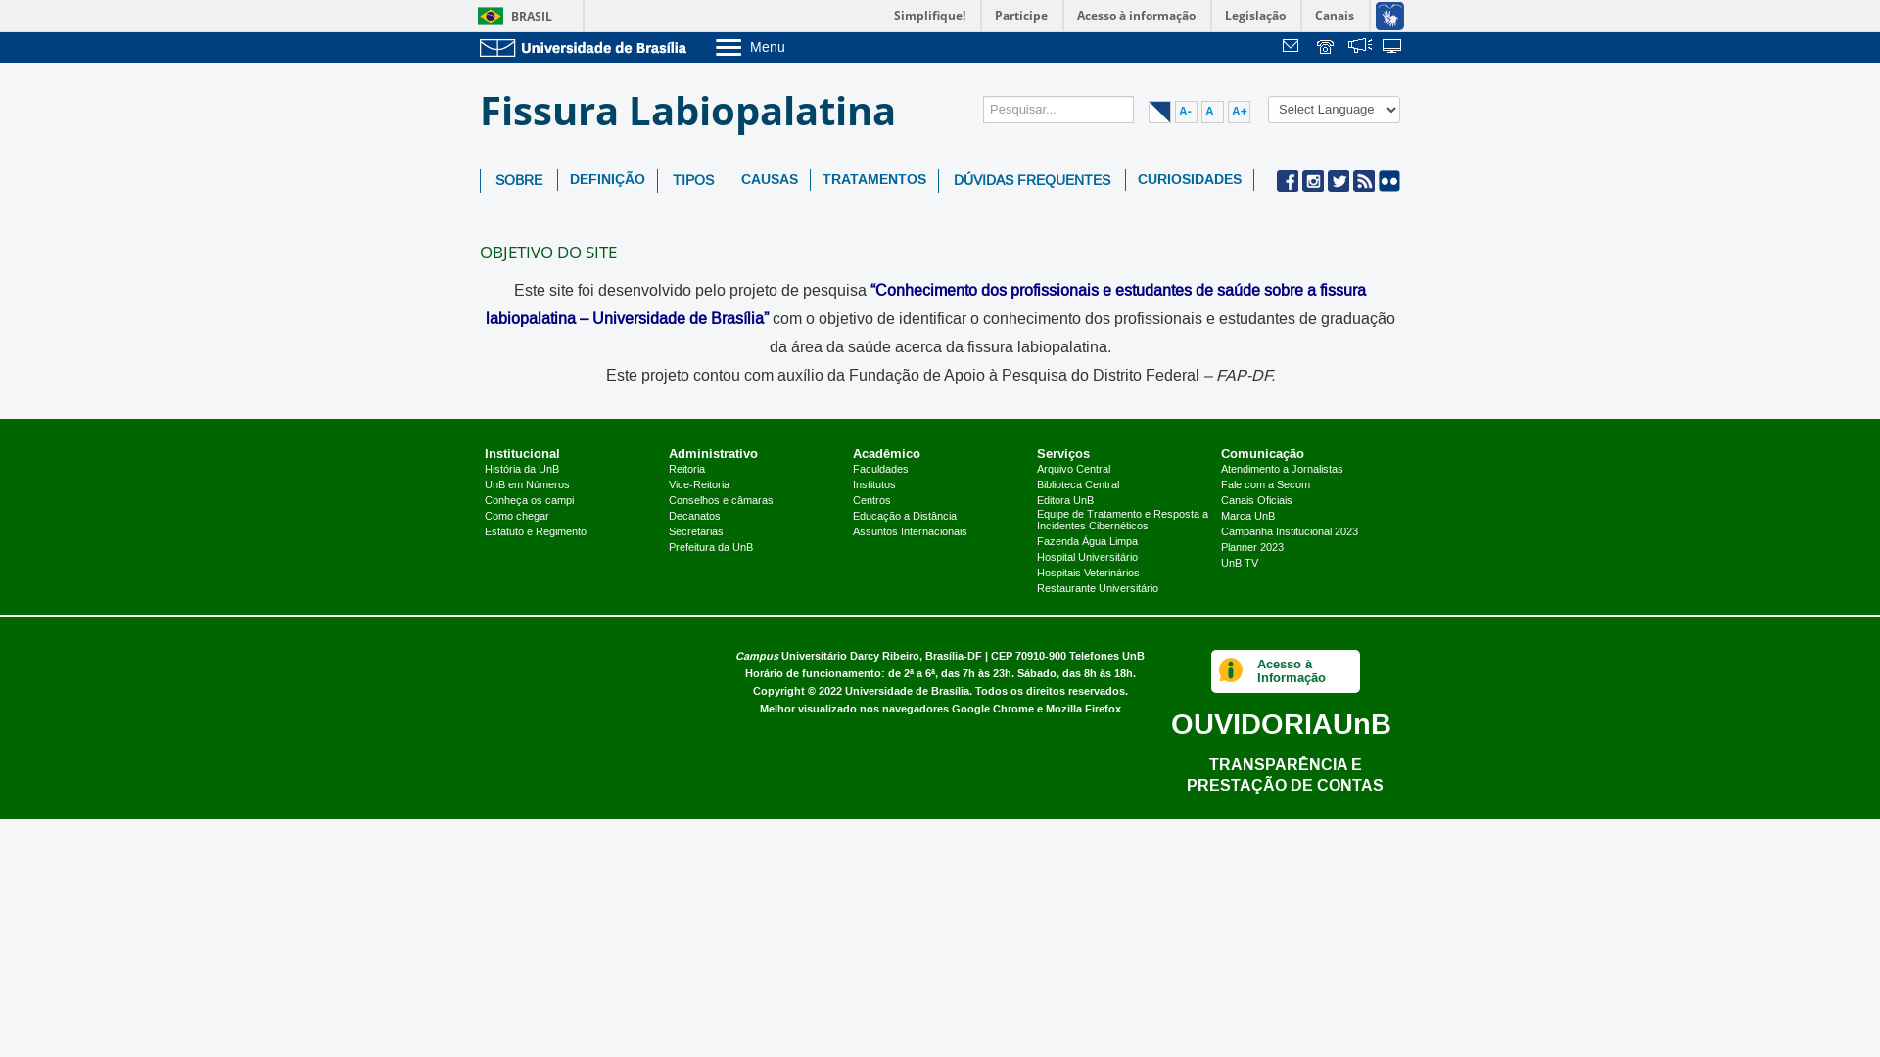  What do you see at coordinates (1036, 484) in the screenshot?
I see `'Biblioteca Central'` at bounding box center [1036, 484].